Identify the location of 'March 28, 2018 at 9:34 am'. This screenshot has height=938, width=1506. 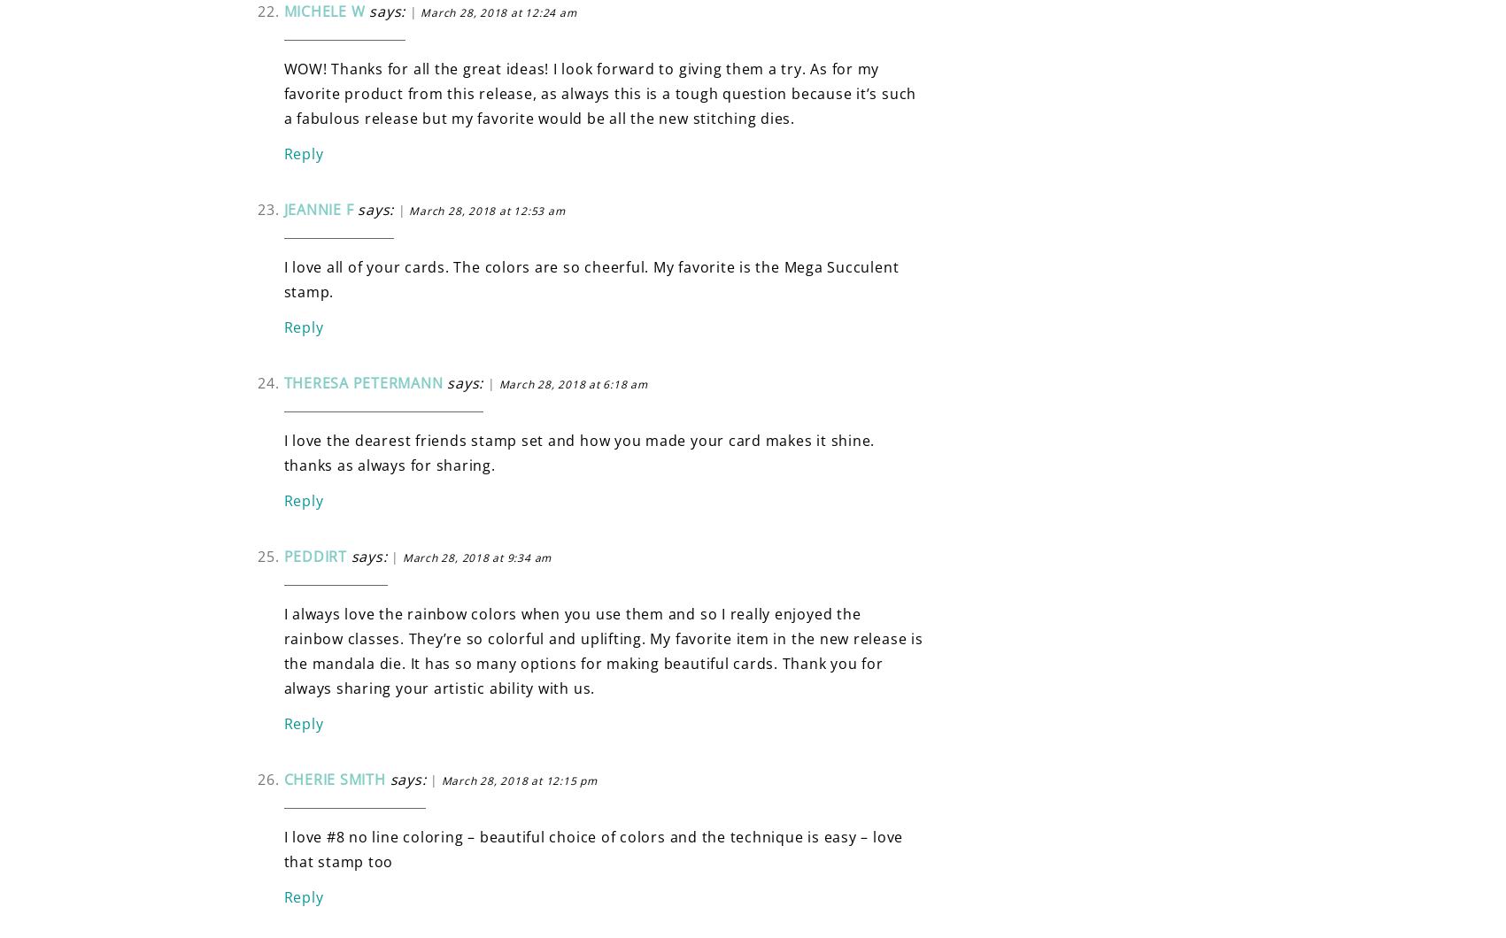
(476, 557).